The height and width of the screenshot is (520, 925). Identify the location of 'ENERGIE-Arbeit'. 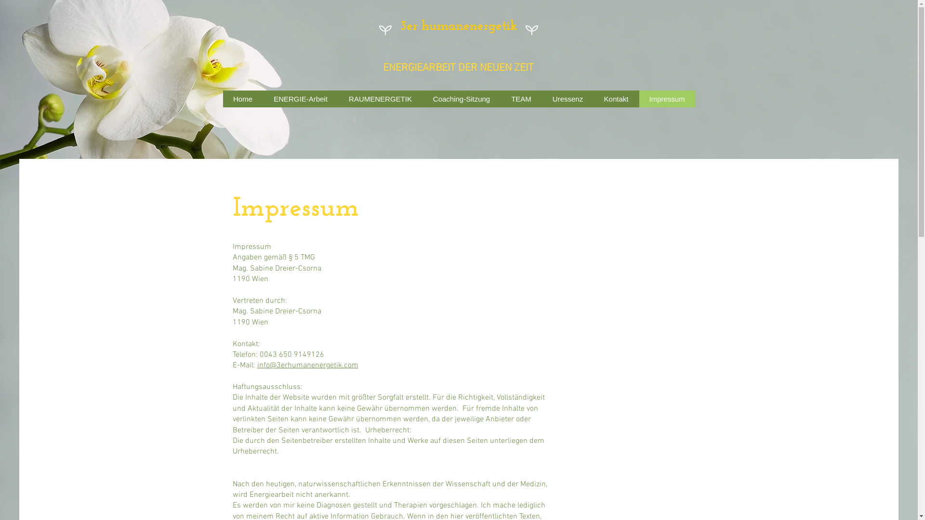
(300, 99).